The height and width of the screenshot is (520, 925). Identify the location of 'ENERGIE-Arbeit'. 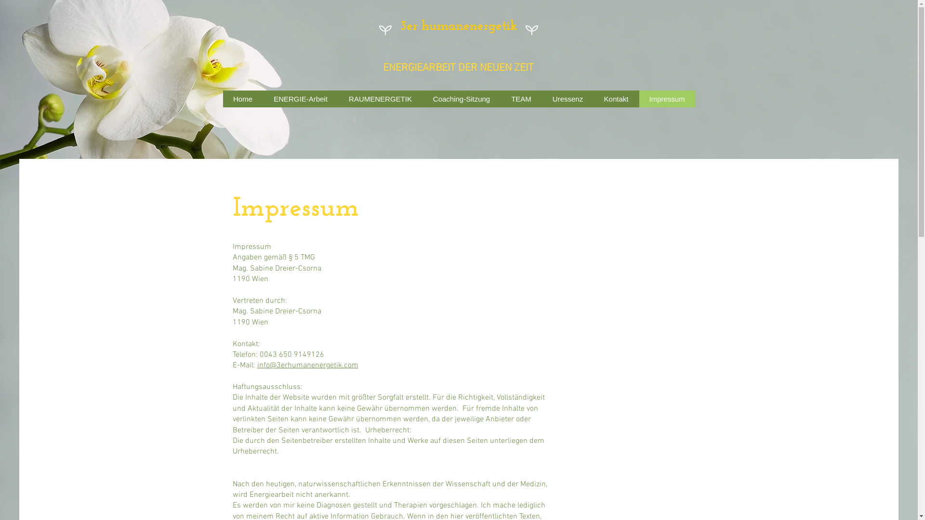
(300, 99).